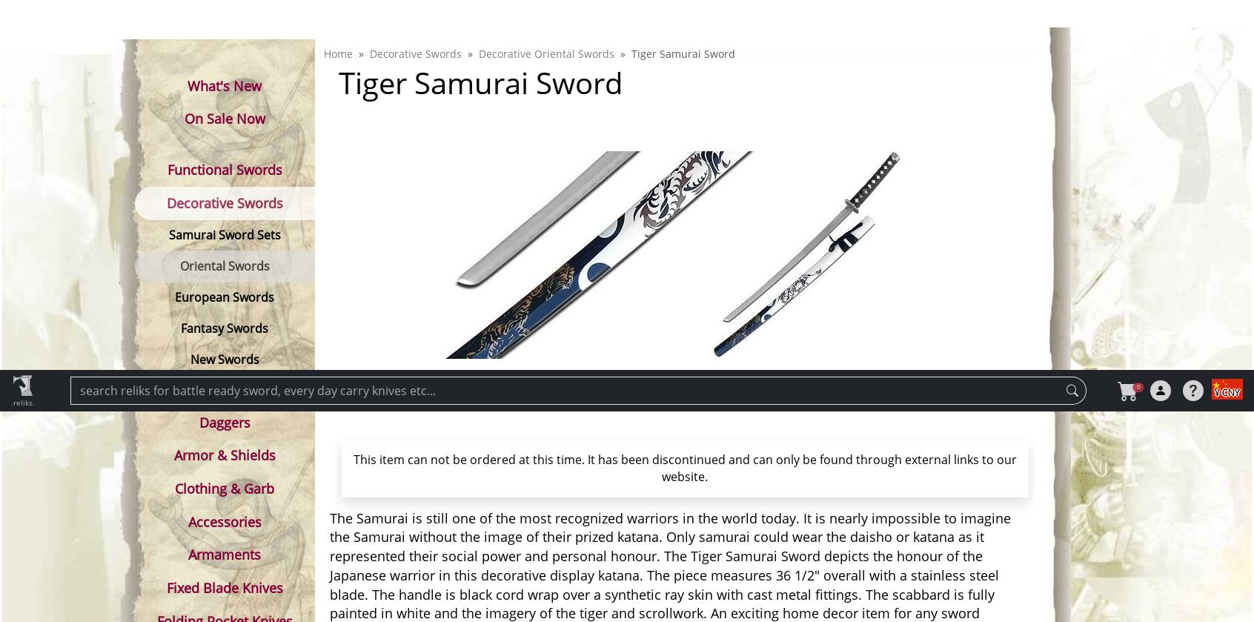  I want to click on 'Photo Gallery', so click(432, 310).